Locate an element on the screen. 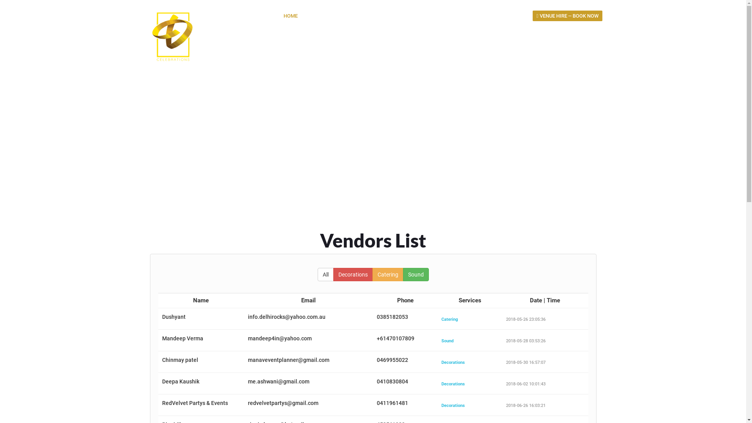 Image resolution: width=752 pixels, height=423 pixels. 'GALLERY' is located at coordinates (411, 16).